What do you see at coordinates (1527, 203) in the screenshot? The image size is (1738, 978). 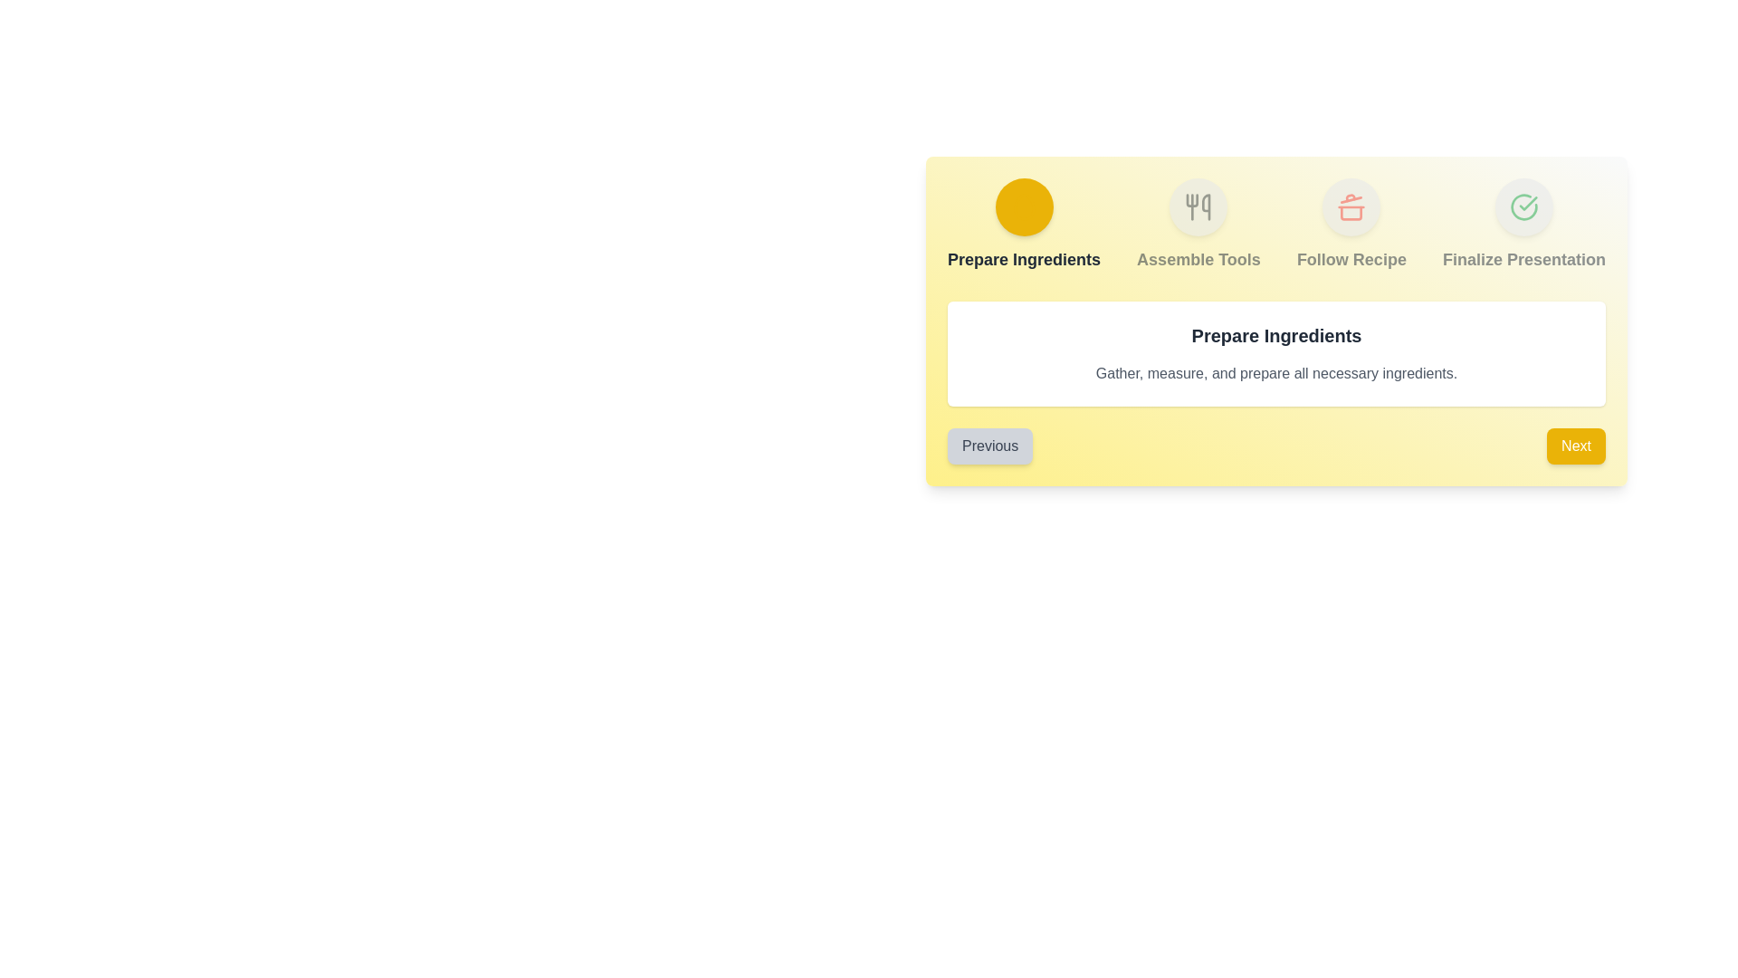 I see `the graphical representation of a checkmark within a circular icon styled with green accents, located in the upper-right portion of the UI` at bounding box center [1527, 203].